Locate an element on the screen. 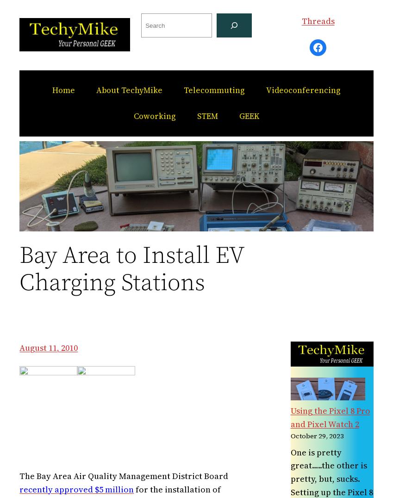  'Videoconferencing' is located at coordinates (303, 89).